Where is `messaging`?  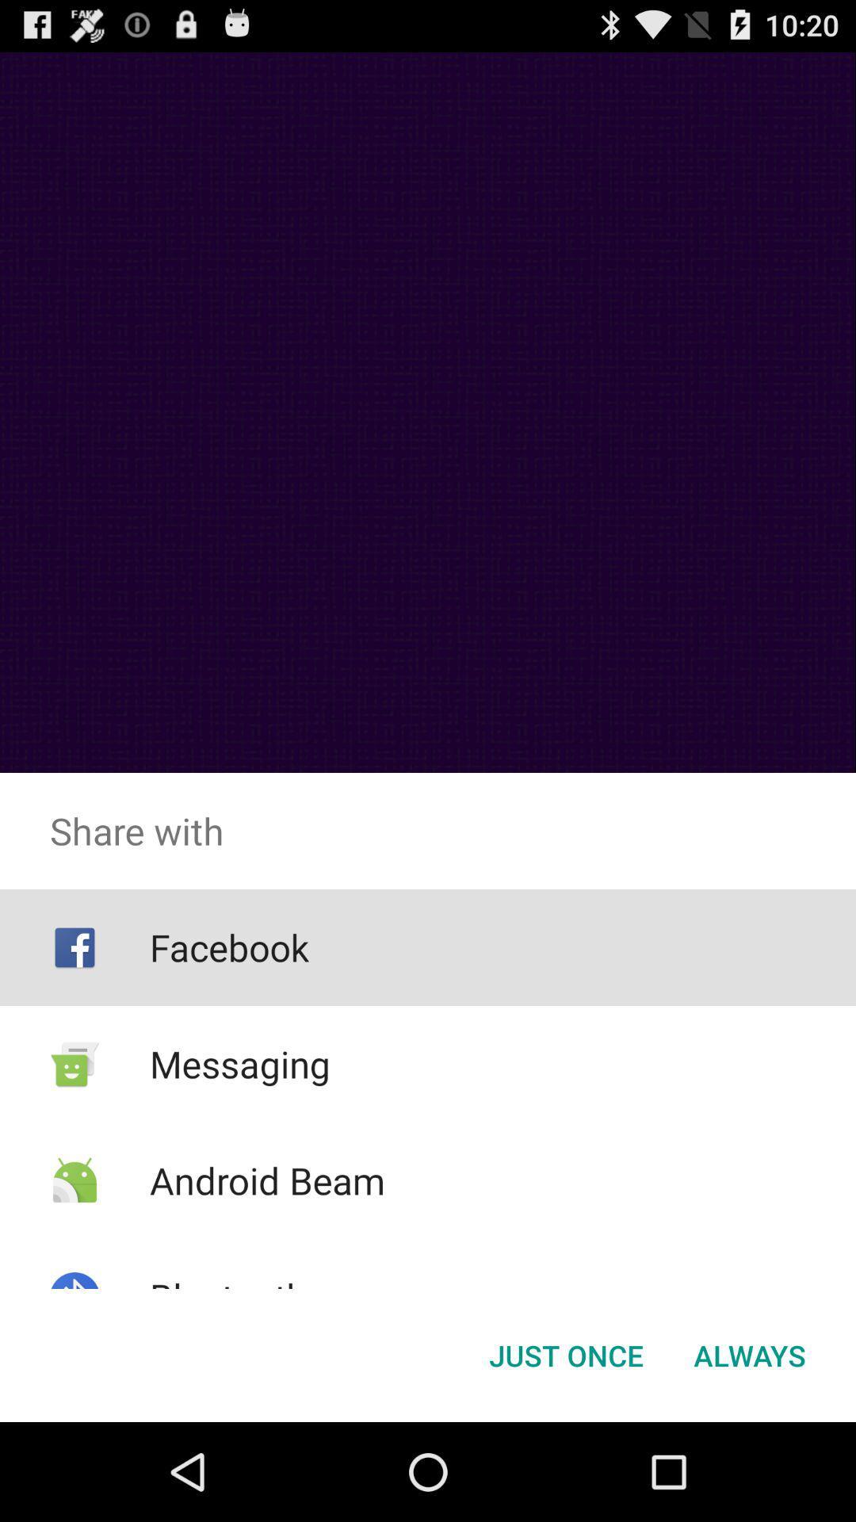
messaging is located at coordinates (240, 1064).